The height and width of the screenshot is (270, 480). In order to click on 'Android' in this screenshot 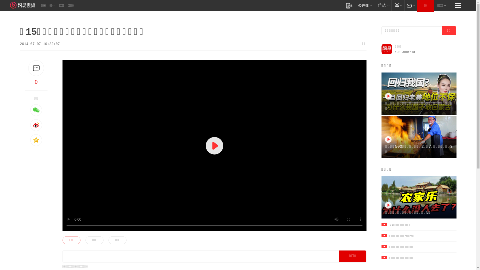, I will do `click(402, 52)`.